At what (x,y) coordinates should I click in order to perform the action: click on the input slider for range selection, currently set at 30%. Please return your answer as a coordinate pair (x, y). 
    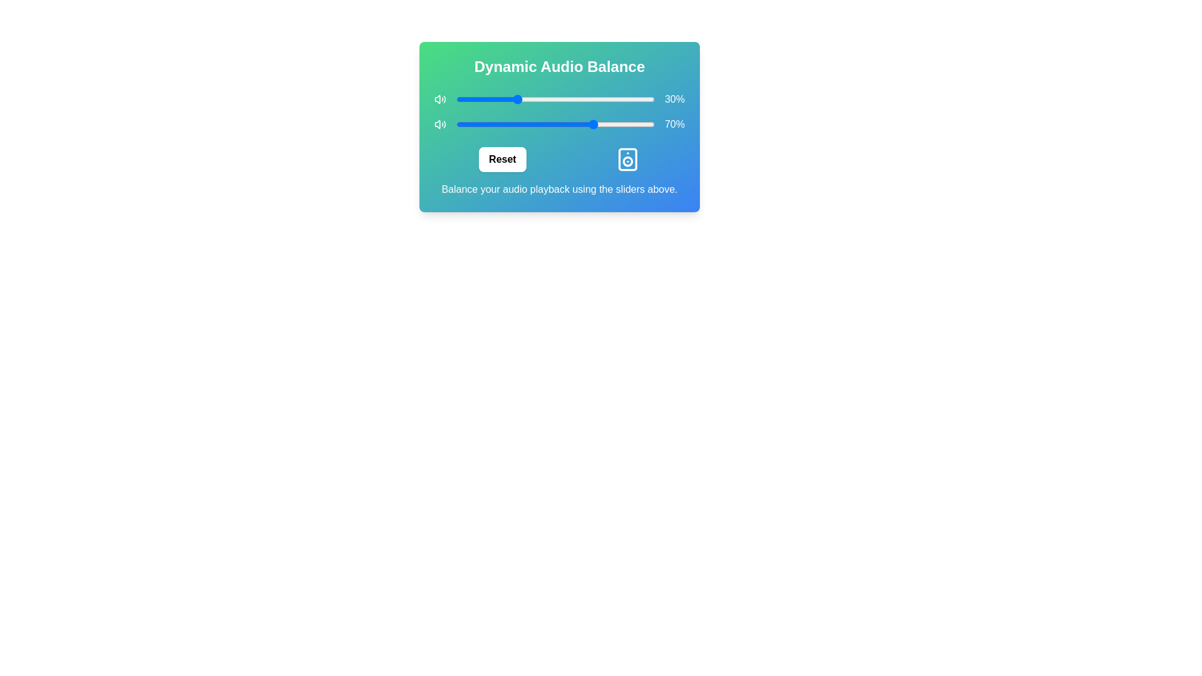
    Looking at the image, I should click on (555, 98).